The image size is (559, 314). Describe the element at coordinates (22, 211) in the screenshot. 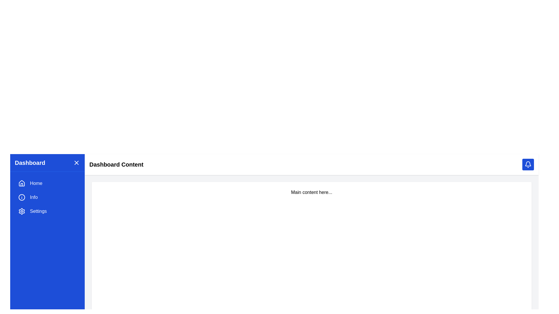

I see `the cog-shaped settings icon located in the left sidebar, positioned under 'Dashboard', 'Home', and 'Info', adjacent to the 'Settings' label` at that location.